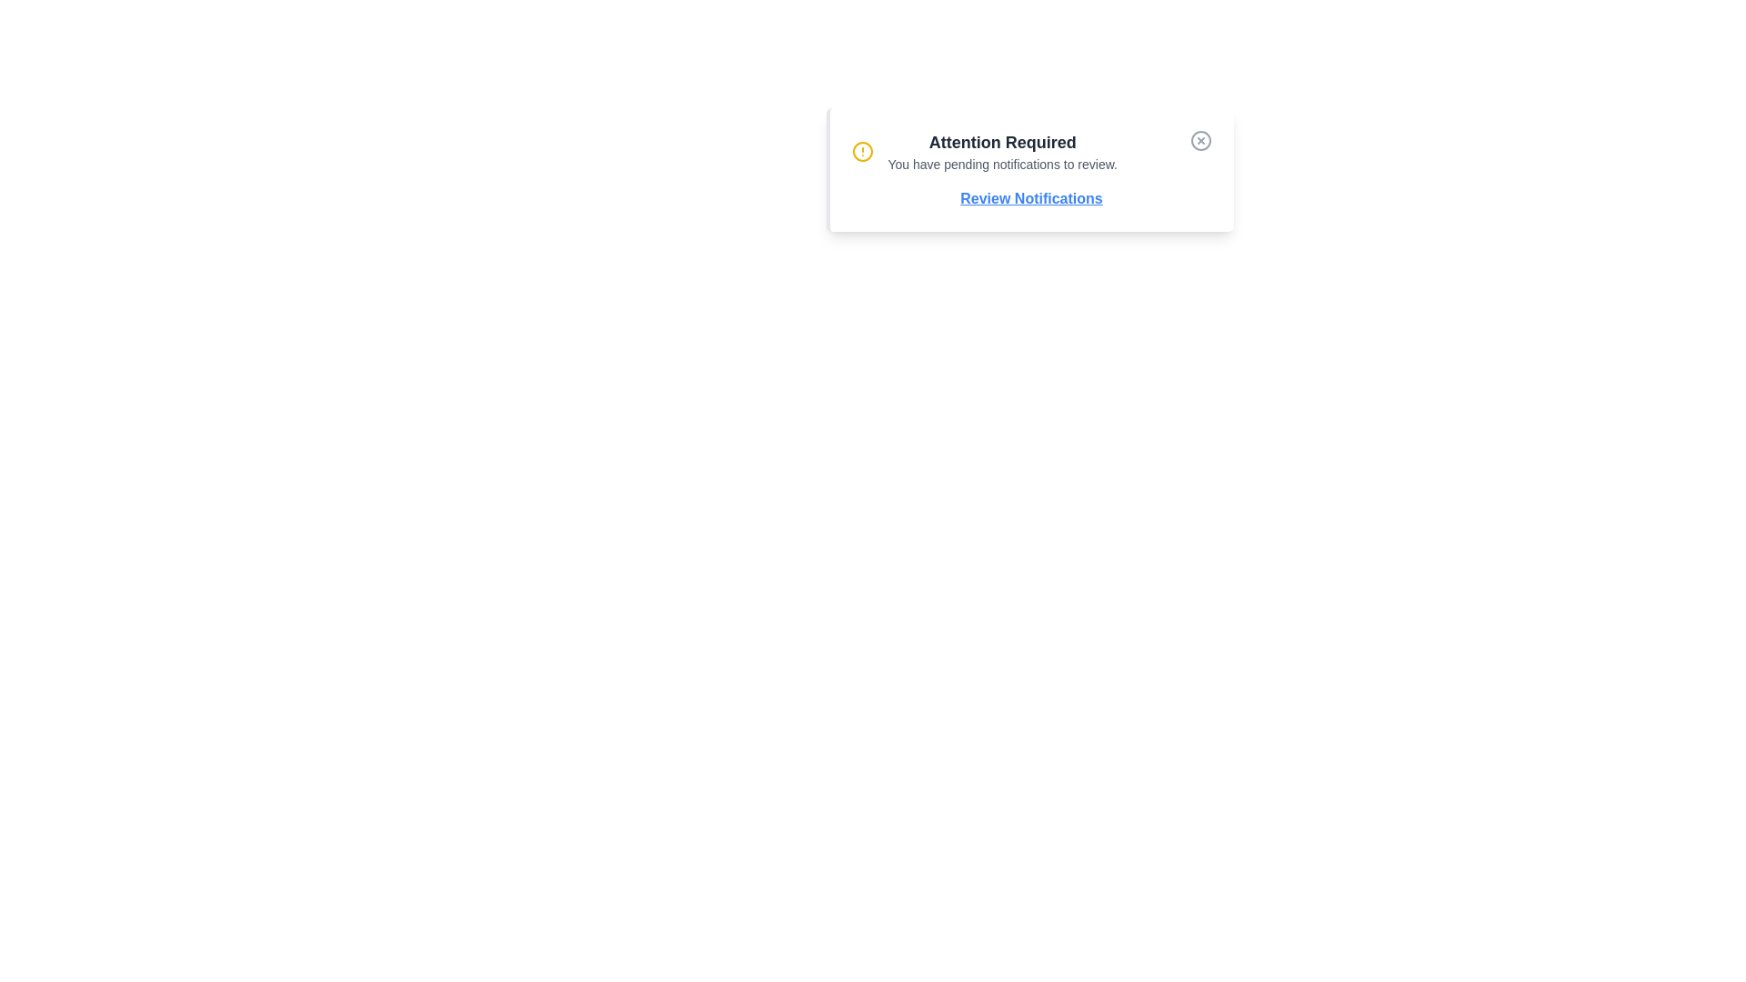 The height and width of the screenshot is (982, 1746). I want to click on the outermost SVG circle component that visually attracts attention to the notification, located to the left of the text 'Attention Required.', so click(861, 150).